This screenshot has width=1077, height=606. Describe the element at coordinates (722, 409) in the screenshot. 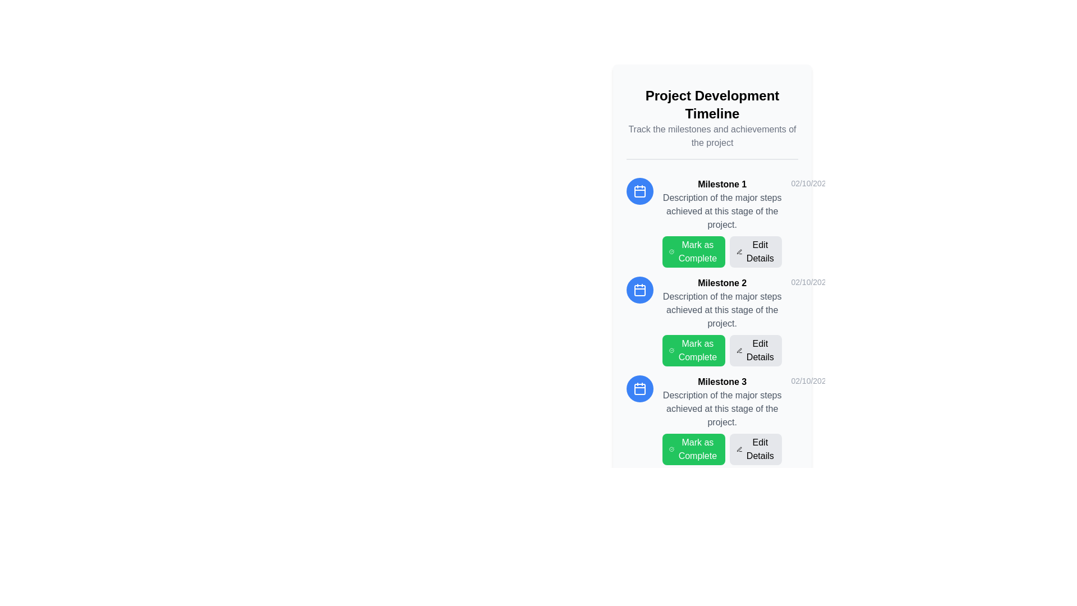

I see `the Text Display element that provides details about the major steps achieved at this stage of the project, which is located below the 'Milestone 3' heading` at that location.